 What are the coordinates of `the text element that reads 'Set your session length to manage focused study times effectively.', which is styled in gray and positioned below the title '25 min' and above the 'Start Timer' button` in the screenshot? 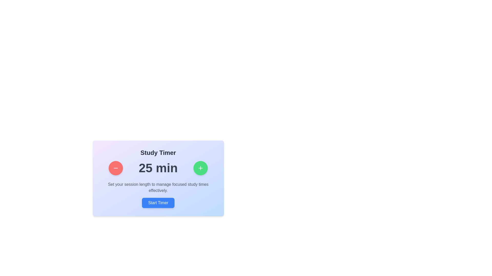 It's located at (158, 187).